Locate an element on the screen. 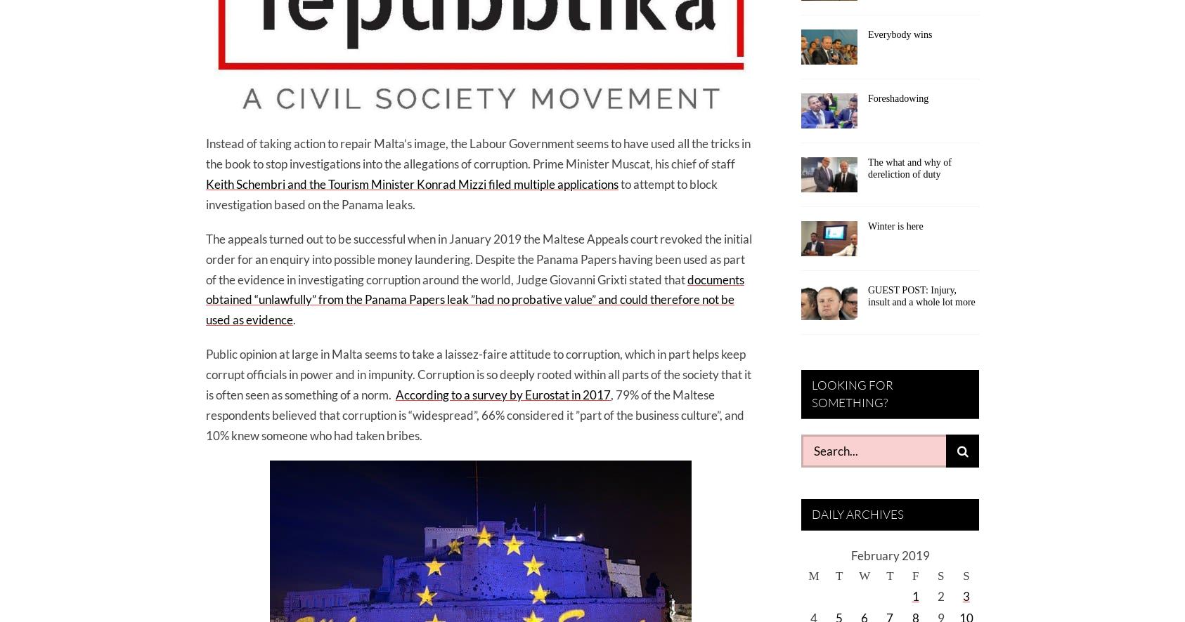 Image resolution: width=1185 pixels, height=622 pixels. 'February 2019' is located at coordinates (890, 555).